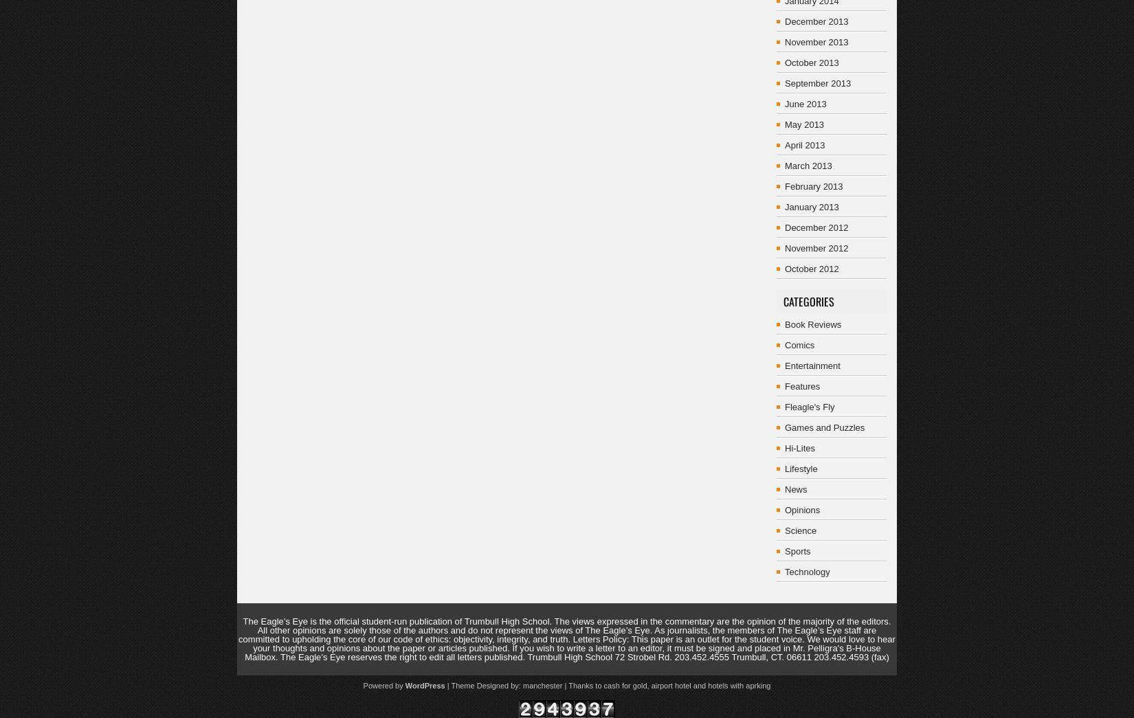 This screenshot has width=1134, height=718. I want to click on 'Science', so click(801, 530).